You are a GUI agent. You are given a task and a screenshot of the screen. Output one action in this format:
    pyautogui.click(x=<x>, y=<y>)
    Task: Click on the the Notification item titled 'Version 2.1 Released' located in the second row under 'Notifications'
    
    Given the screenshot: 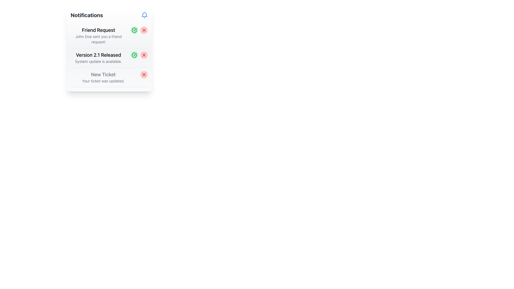 What is the action you would take?
    pyautogui.click(x=109, y=58)
    